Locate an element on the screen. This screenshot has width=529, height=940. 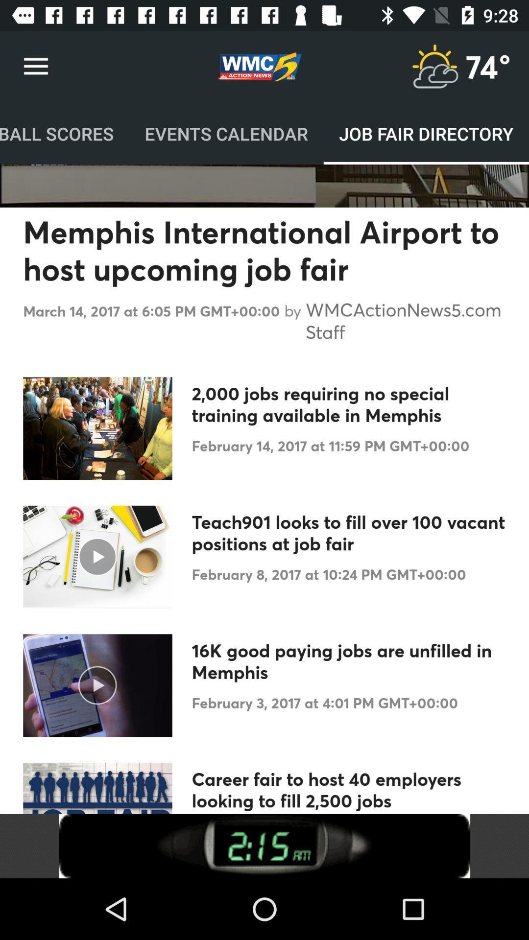
app timer pop up display is located at coordinates (264, 846).